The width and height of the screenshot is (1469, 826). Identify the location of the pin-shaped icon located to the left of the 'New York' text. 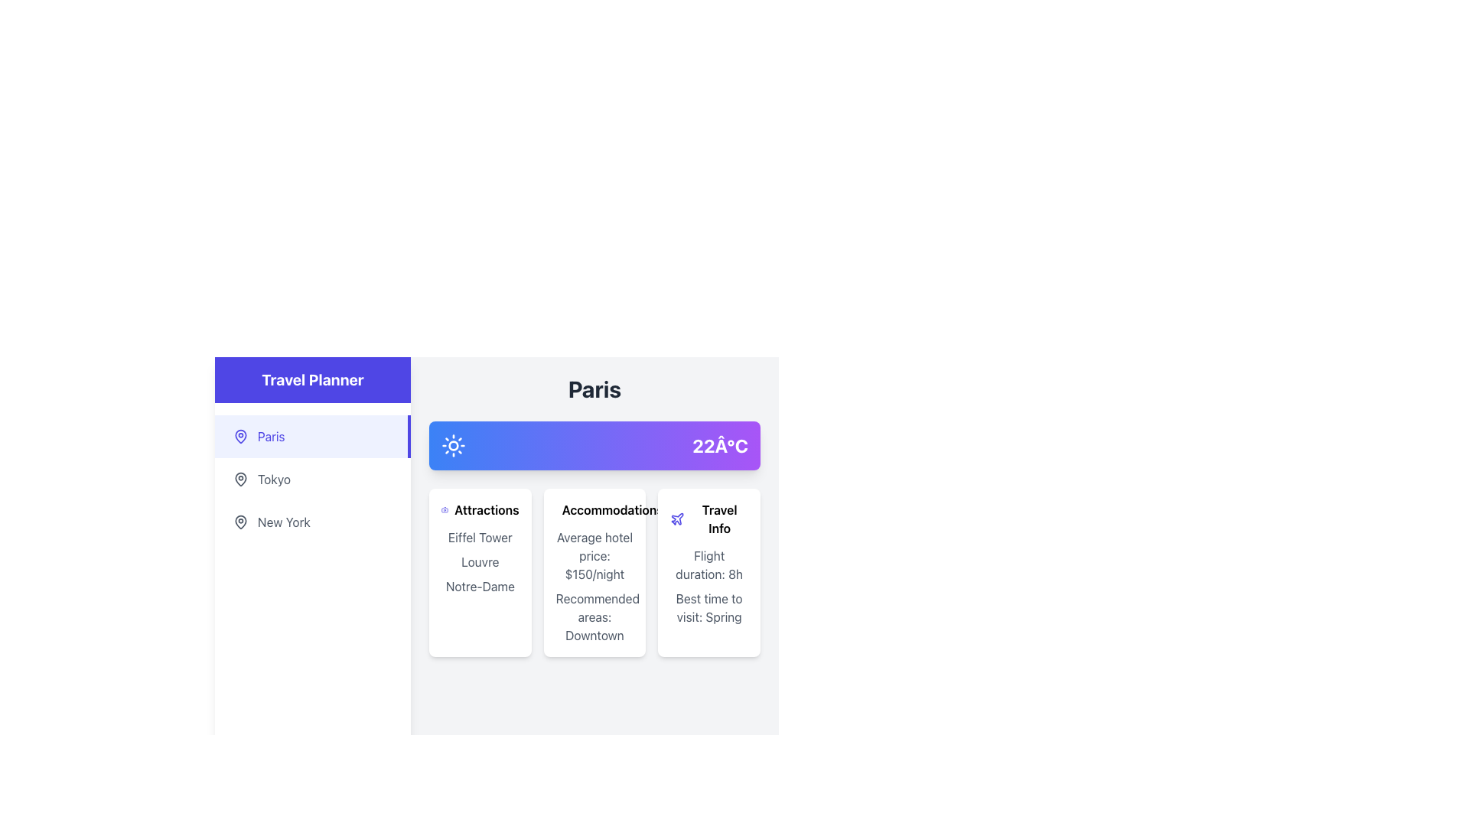
(240, 521).